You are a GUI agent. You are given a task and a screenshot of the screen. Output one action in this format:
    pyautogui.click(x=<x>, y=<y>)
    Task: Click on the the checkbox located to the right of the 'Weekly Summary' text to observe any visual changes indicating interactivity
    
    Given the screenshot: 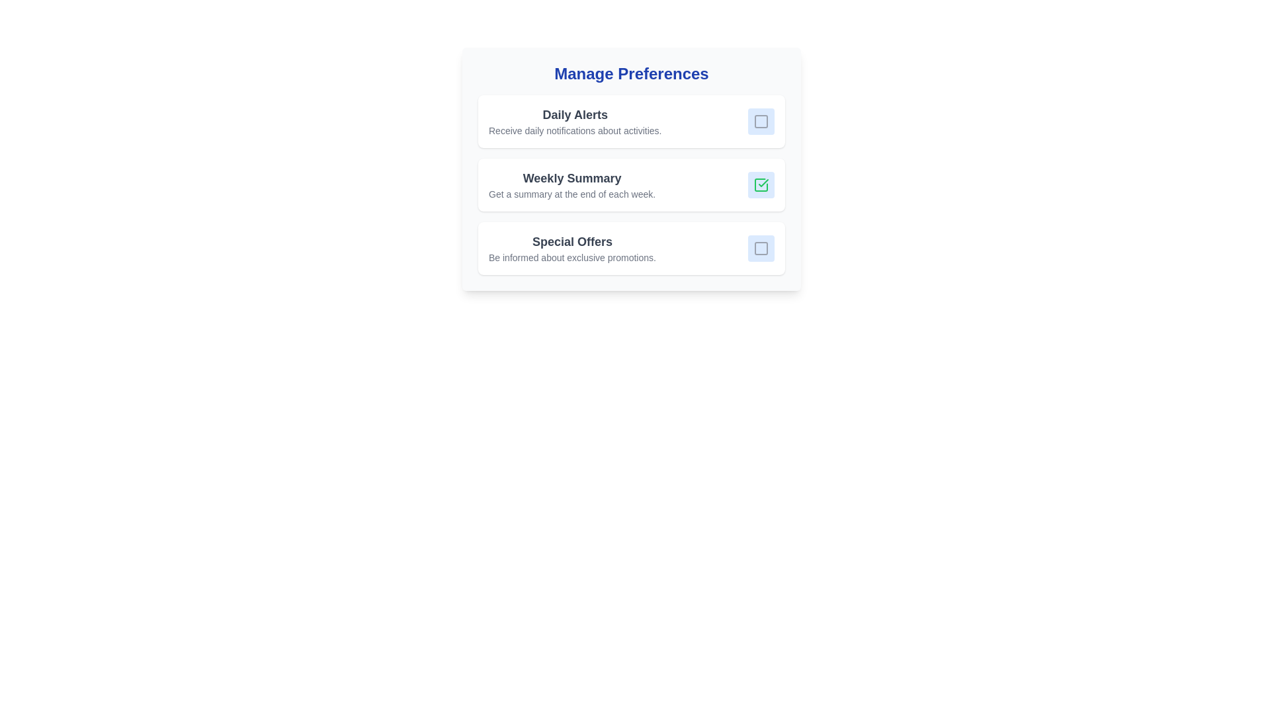 What is the action you would take?
    pyautogui.click(x=761, y=185)
    